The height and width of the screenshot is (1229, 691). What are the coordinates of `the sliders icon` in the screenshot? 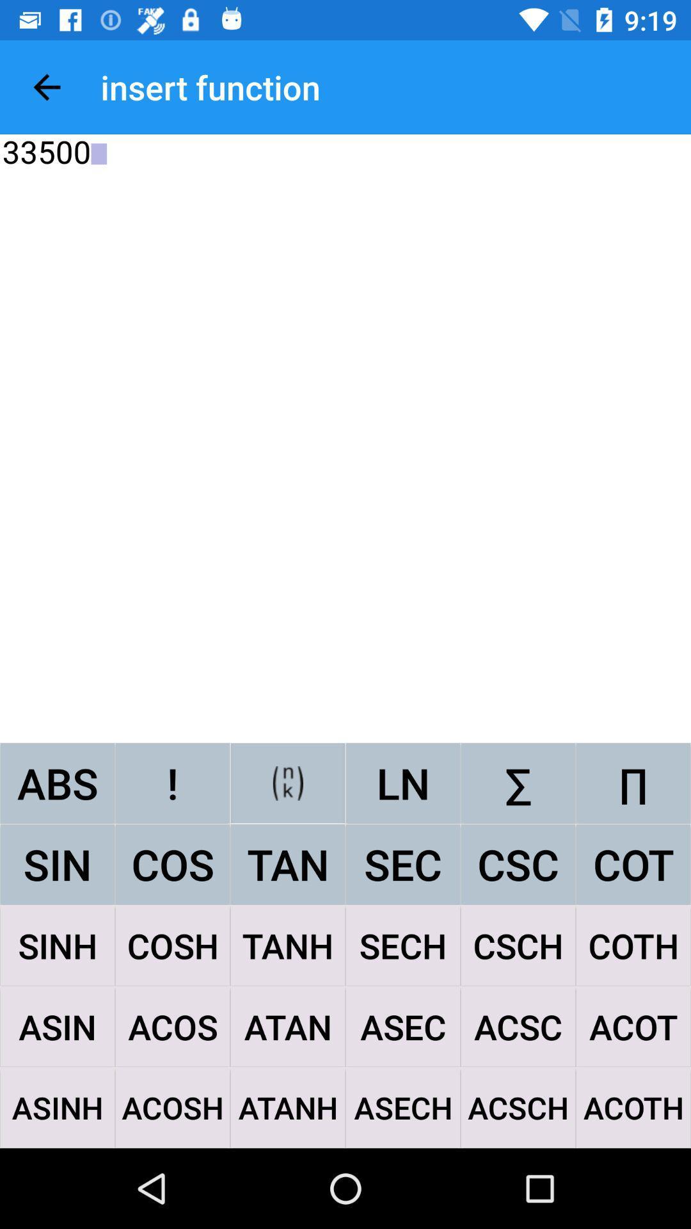 It's located at (288, 782).